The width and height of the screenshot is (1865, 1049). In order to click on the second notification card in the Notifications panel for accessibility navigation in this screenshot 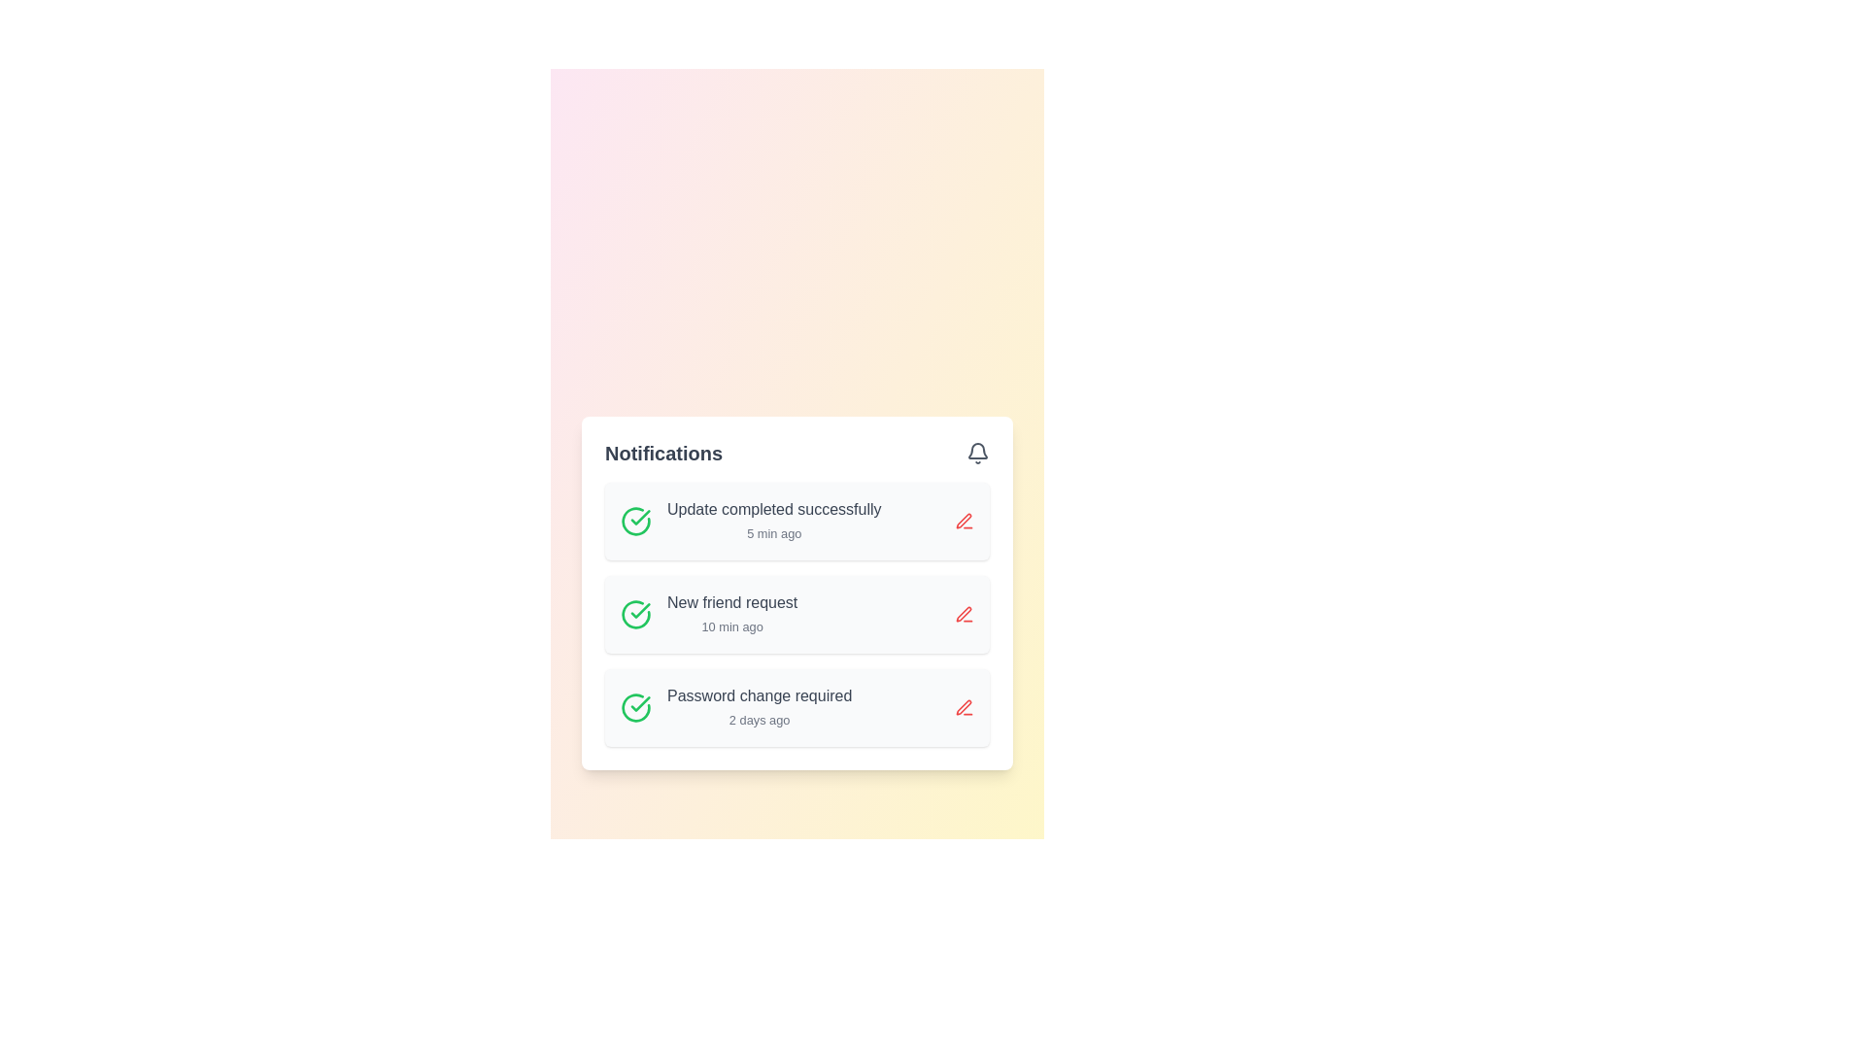, I will do `click(797, 614)`.